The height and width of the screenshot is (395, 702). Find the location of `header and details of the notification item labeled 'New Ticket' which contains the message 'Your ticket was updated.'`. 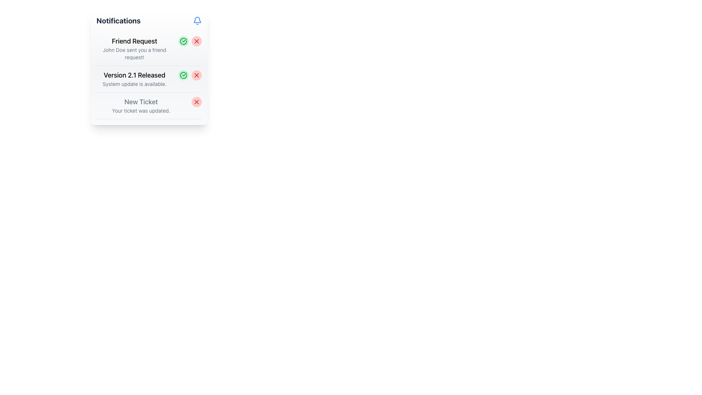

header and details of the notification item labeled 'New Ticket' which contains the message 'Your ticket was updated.' is located at coordinates (149, 106).